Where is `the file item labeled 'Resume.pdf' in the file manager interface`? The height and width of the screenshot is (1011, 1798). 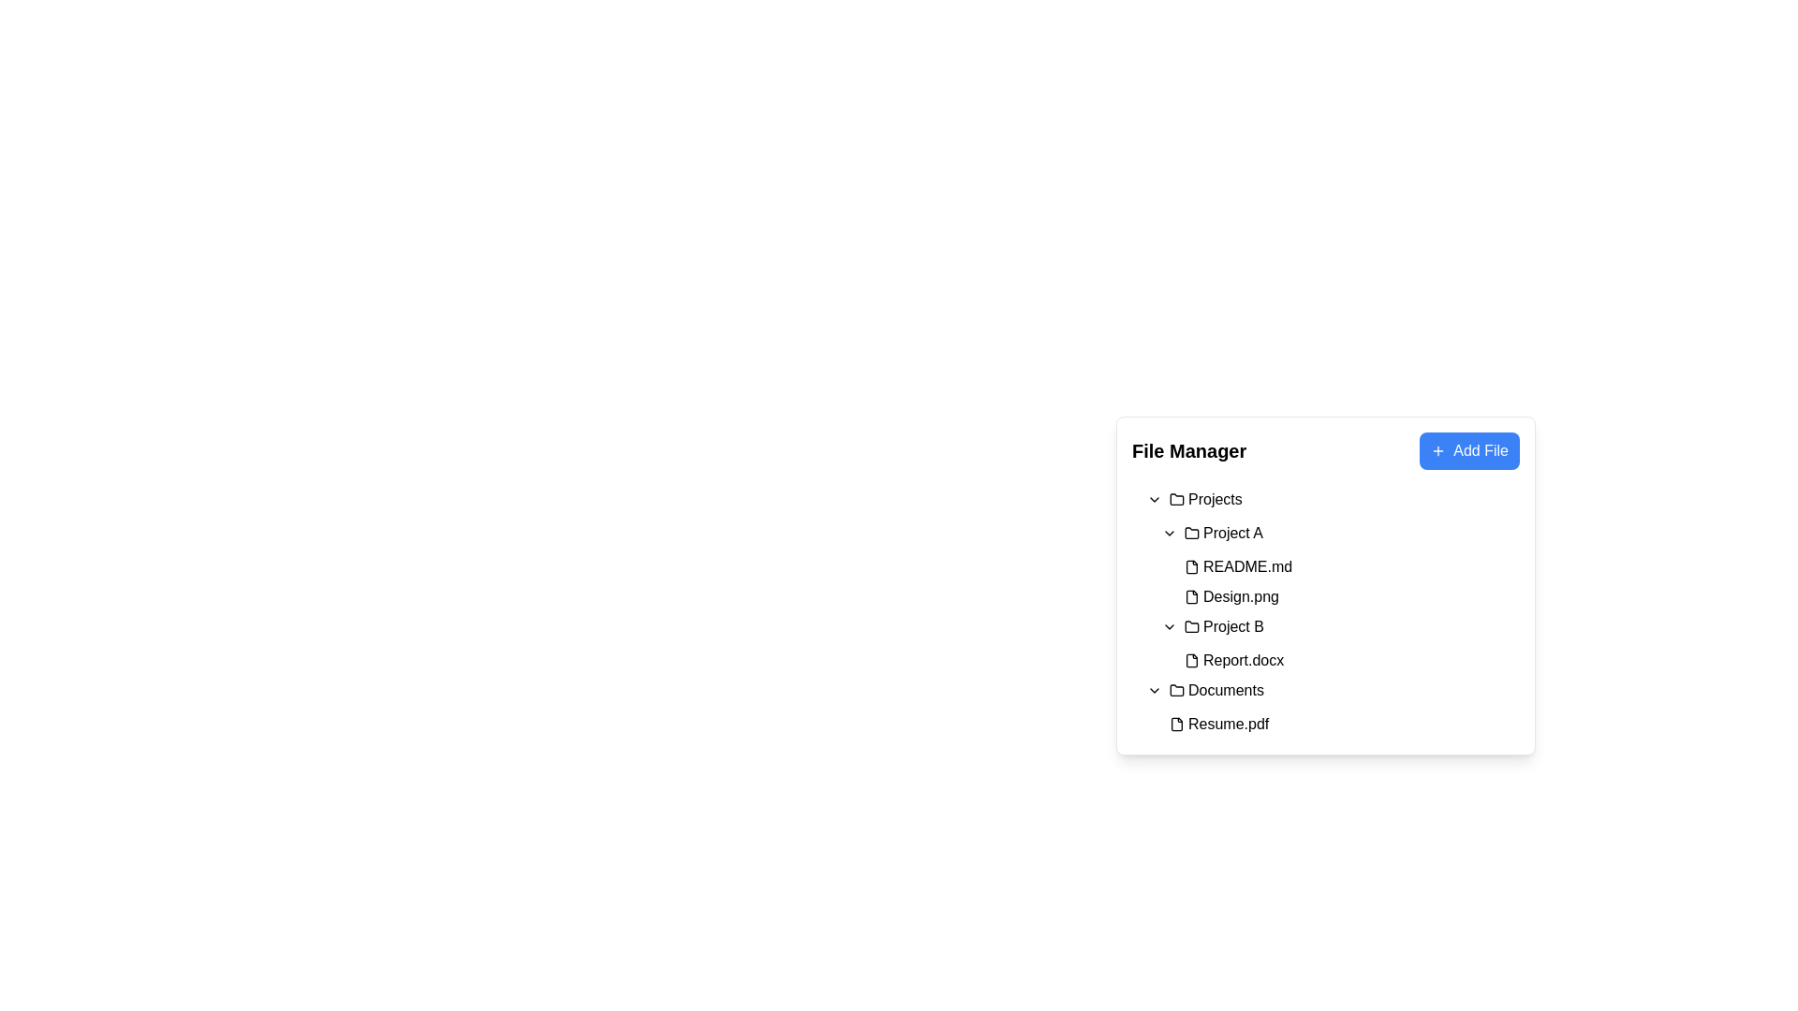
the file item labeled 'Resume.pdf' in the file manager interface is located at coordinates (1339, 724).